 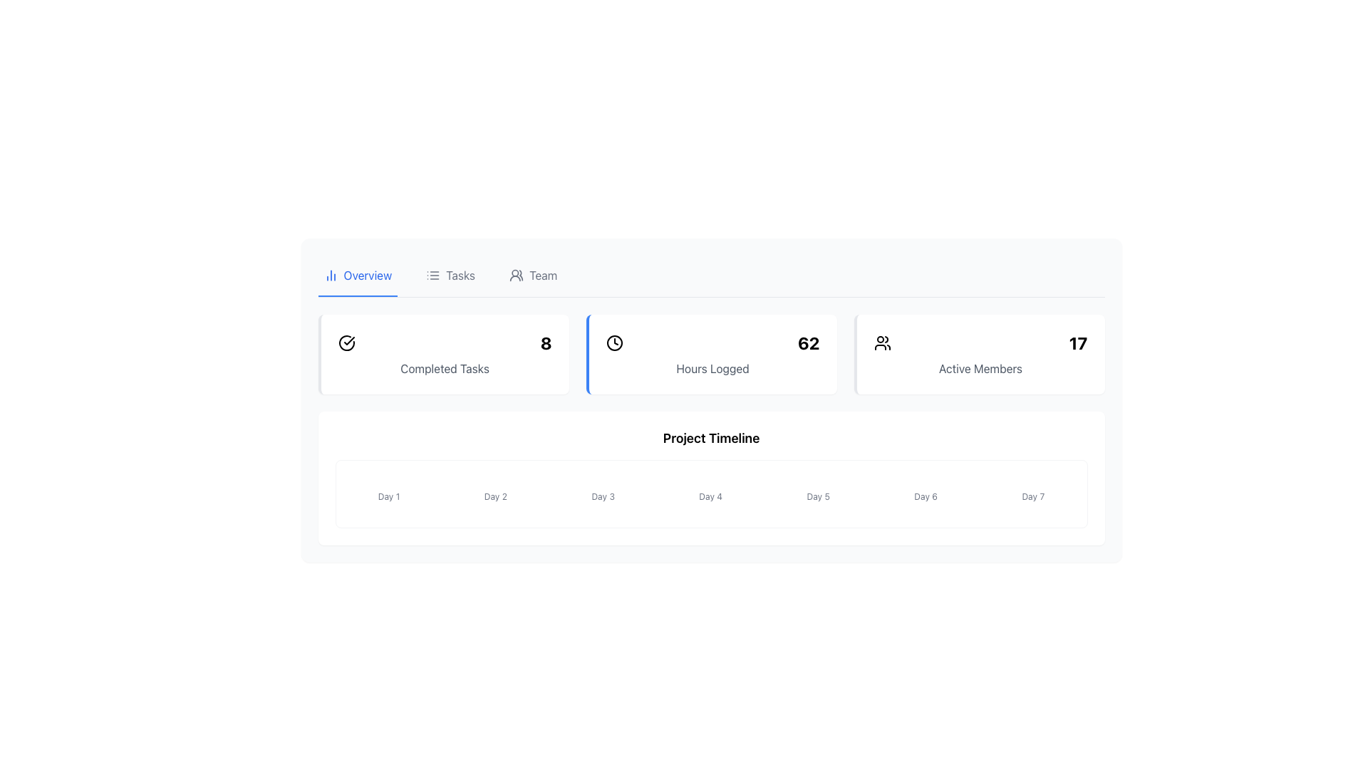 I want to click on the text label 'Day 6' which has a small blue circular indicator above it, indicating it is a selectable item within the Project Timeline section, so click(x=926, y=493).